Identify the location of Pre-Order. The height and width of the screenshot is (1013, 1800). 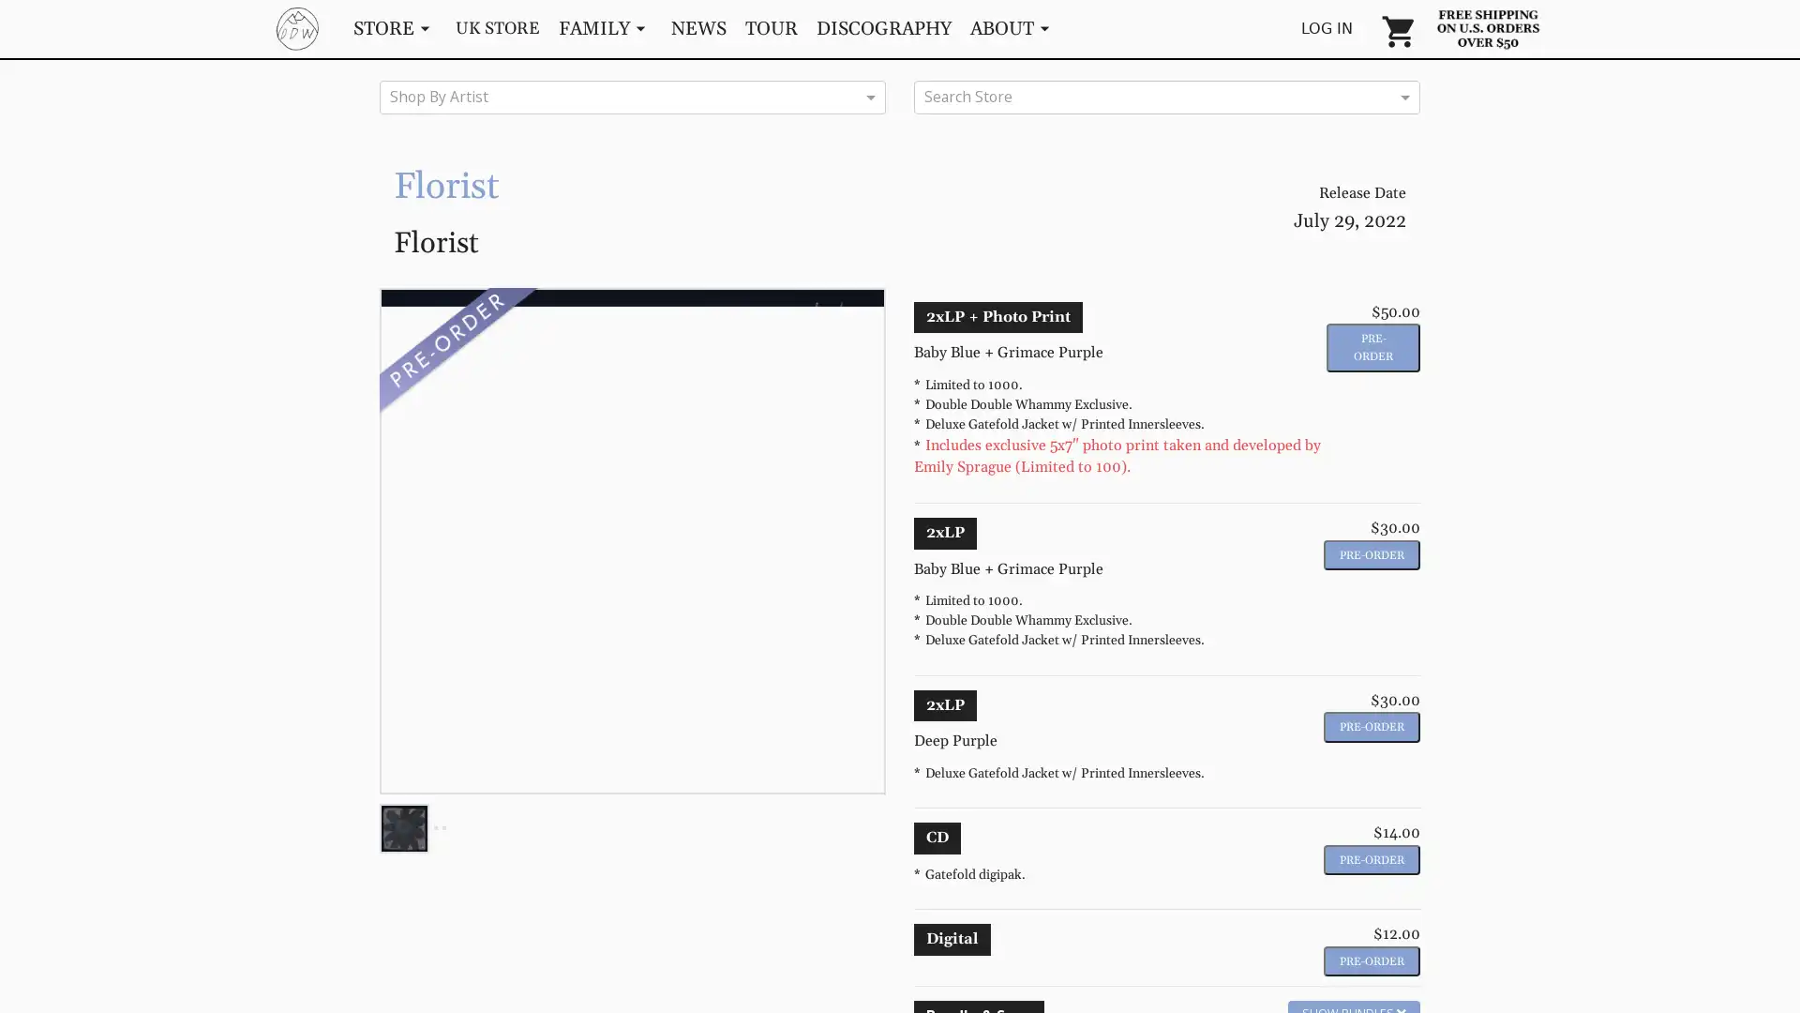
(1372, 859).